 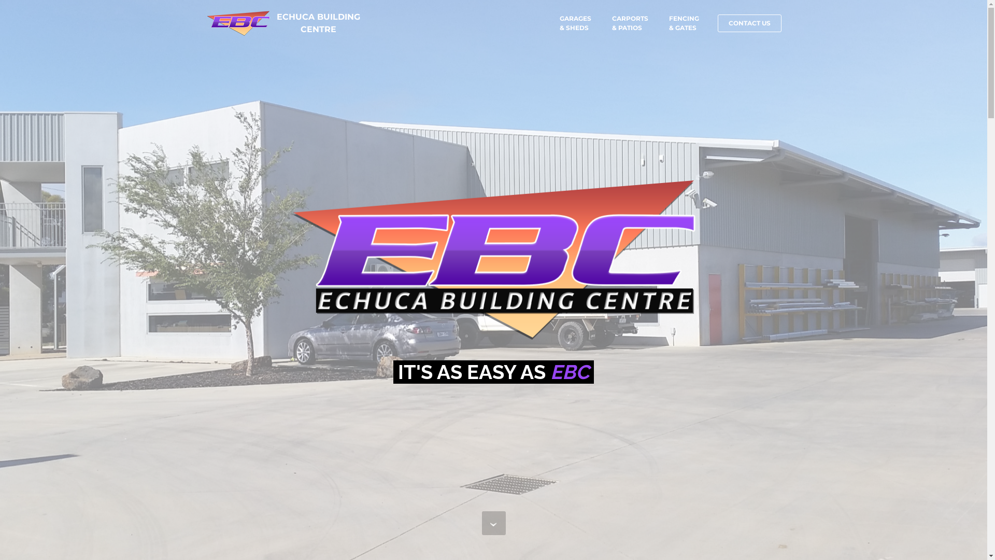 What do you see at coordinates (318, 23) in the screenshot?
I see `'ECHUCA BUILDING` at bounding box center [318, 23].